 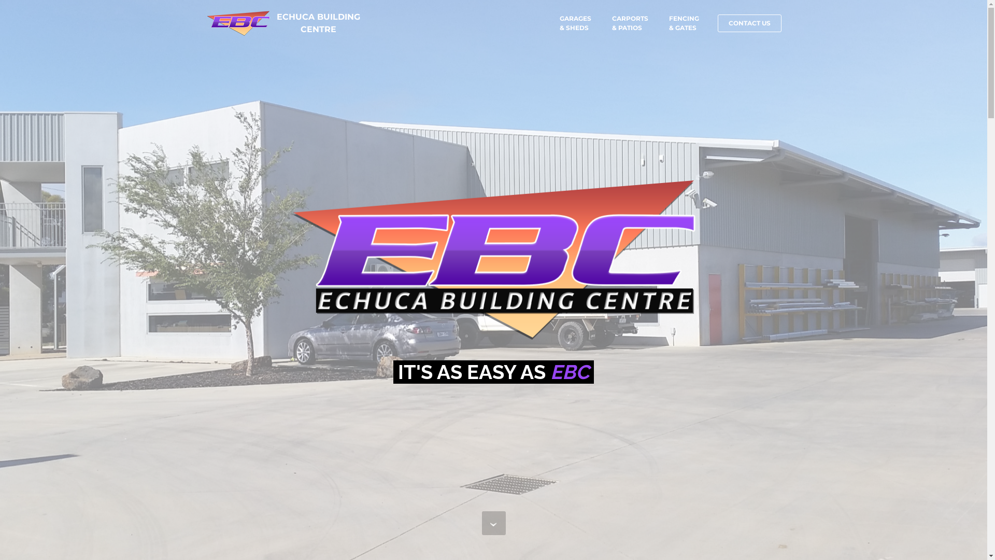 What do you see at coordinates (318, 23) in the screenshot?
I see `'ECHUCA BUILDING` at bounding box center [318, 23].